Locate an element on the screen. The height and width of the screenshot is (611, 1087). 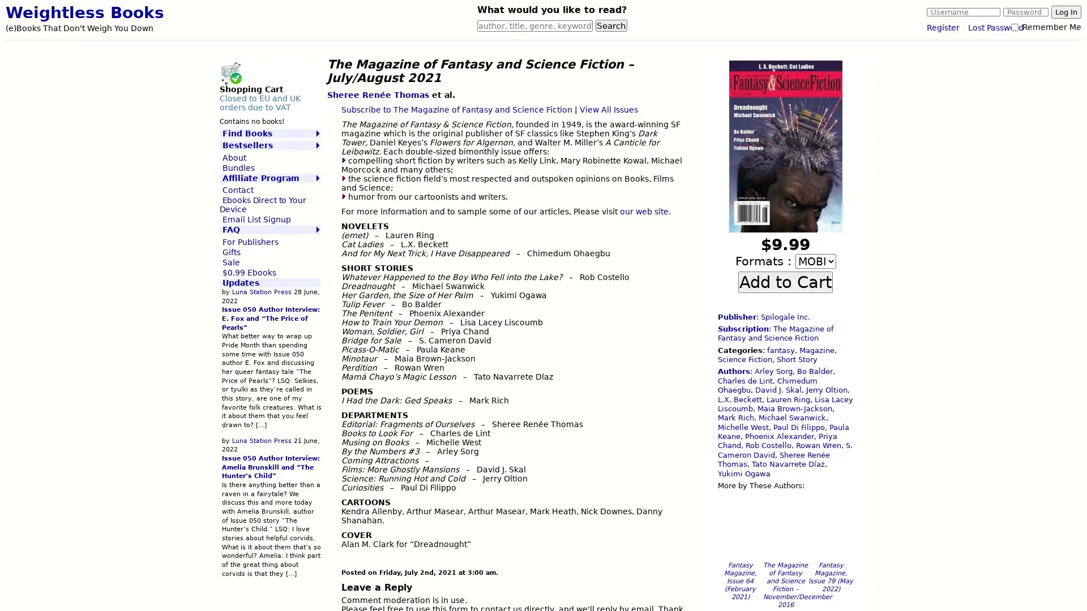
Shopping Cart is located at coordinates (230, 72).